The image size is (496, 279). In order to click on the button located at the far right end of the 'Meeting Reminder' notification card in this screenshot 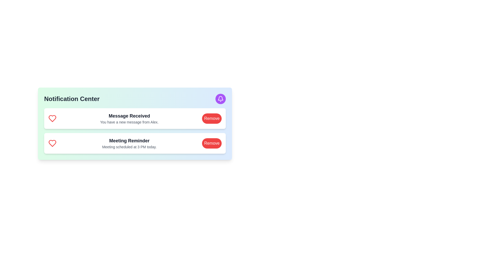, I will do `click(212, 143)`.